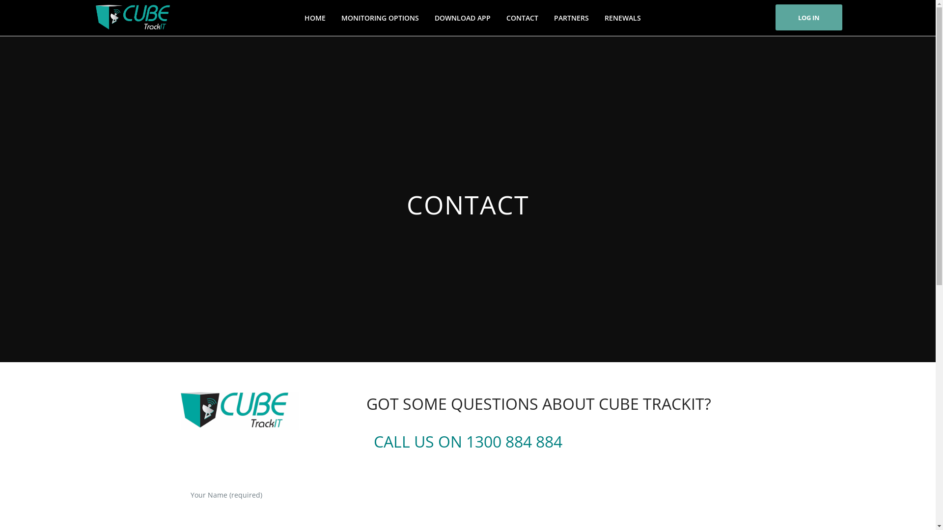 Image resolution: width=943 pixels, height=530 pixels. What do you see at coordinates (462, 18) in the screenshot?
I see `'DOWNLOAD APP'` at bounding box center [462, 18].